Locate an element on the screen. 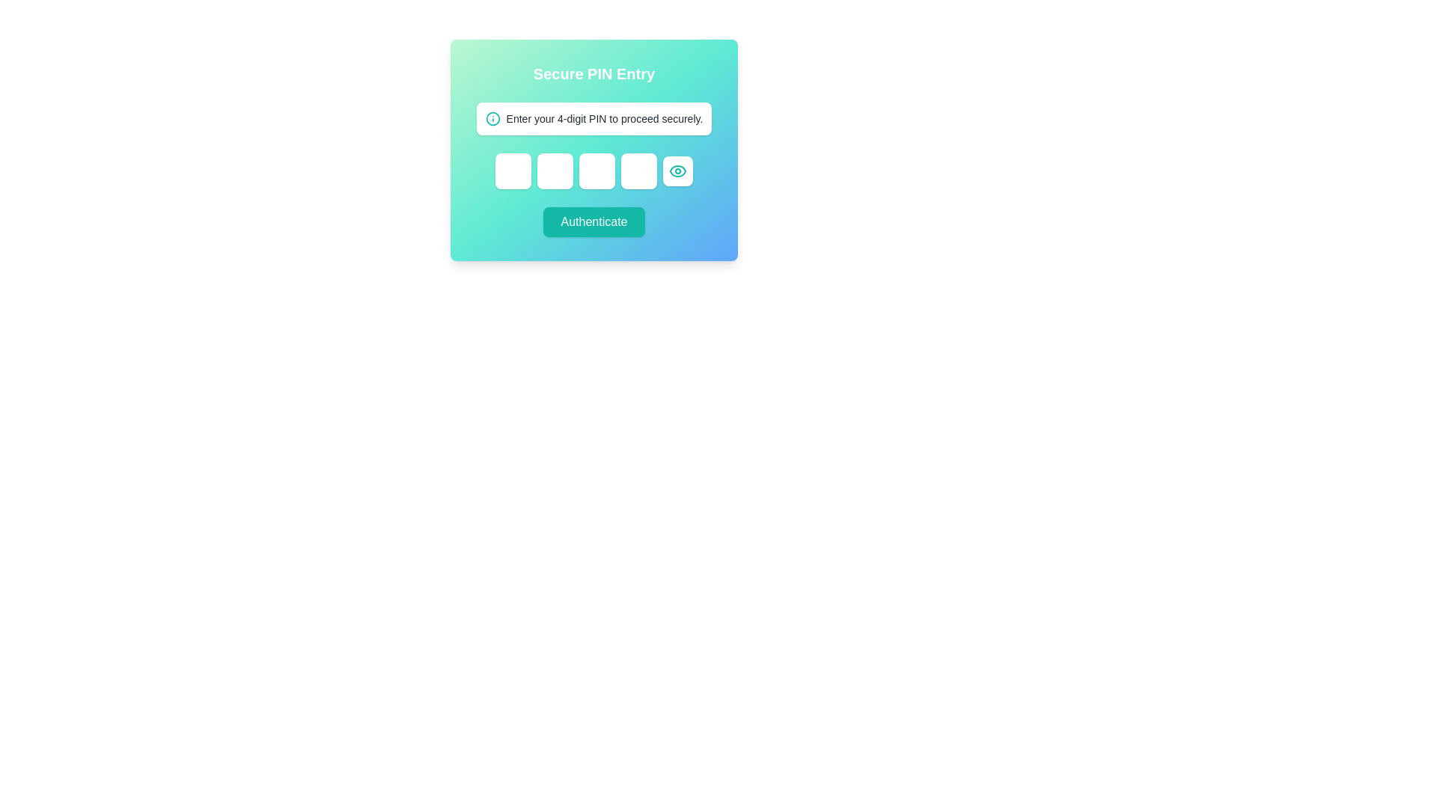  the third password input field to focus and allow the user to enter a numeric character for the secure PIN entry is located at coordinates (596, 170).